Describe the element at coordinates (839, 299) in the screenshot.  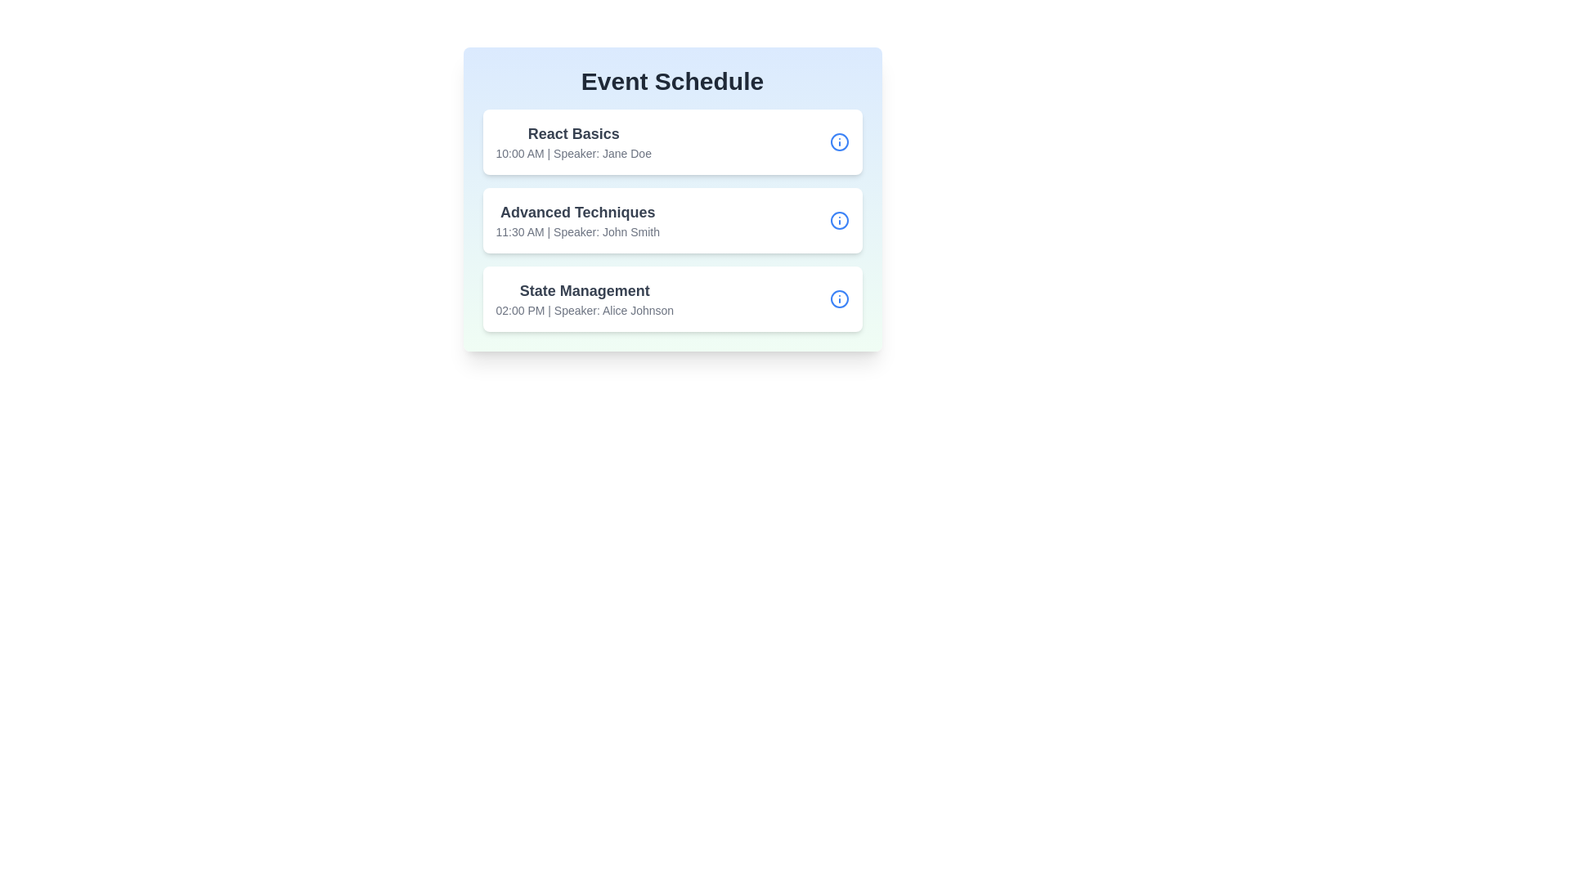
I see `the information button for the session 'State Management'` at that location.